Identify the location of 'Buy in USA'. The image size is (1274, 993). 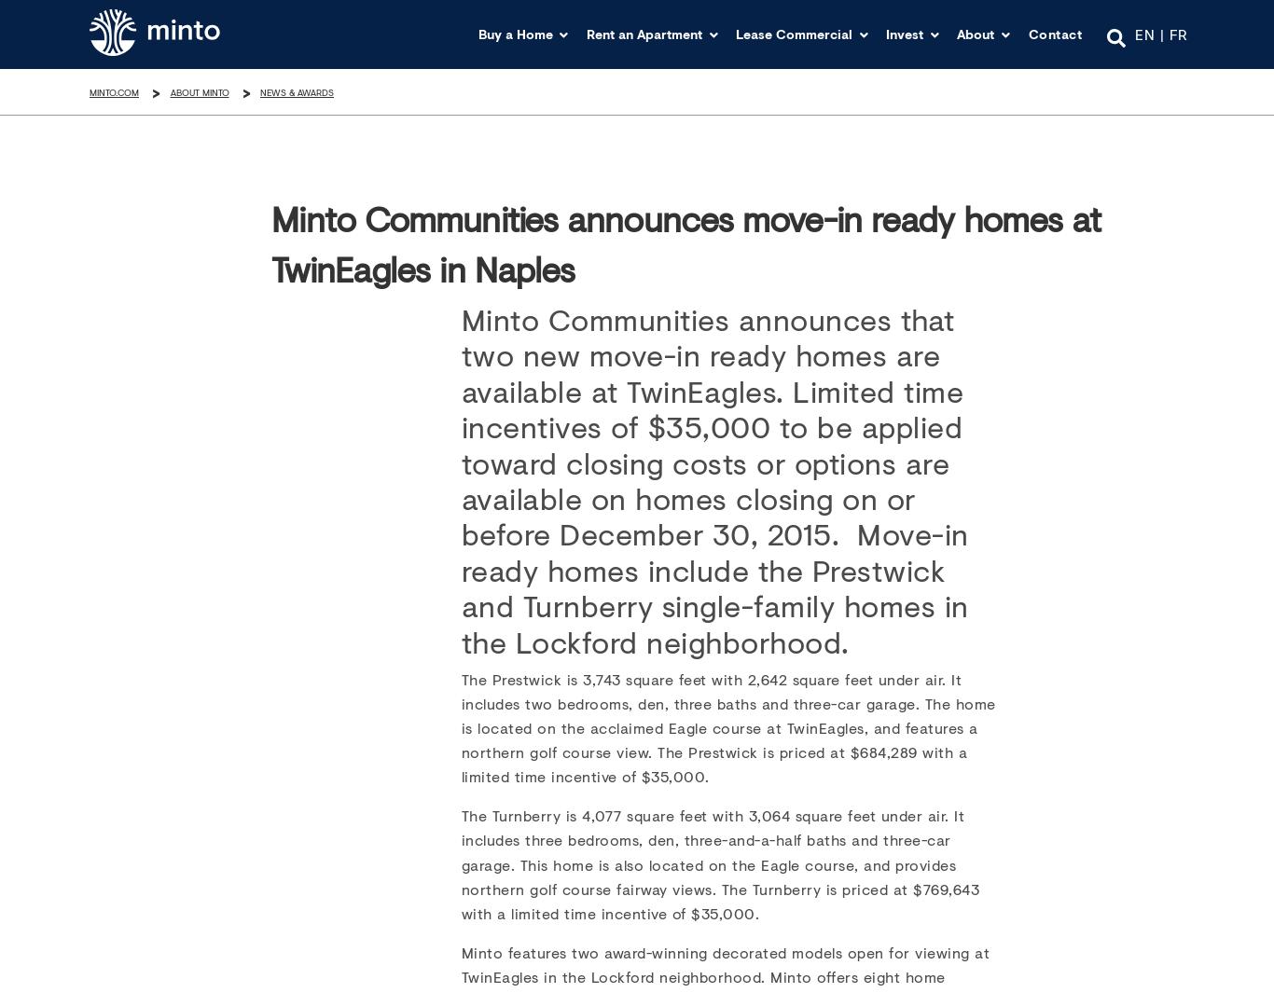
(690, 85).